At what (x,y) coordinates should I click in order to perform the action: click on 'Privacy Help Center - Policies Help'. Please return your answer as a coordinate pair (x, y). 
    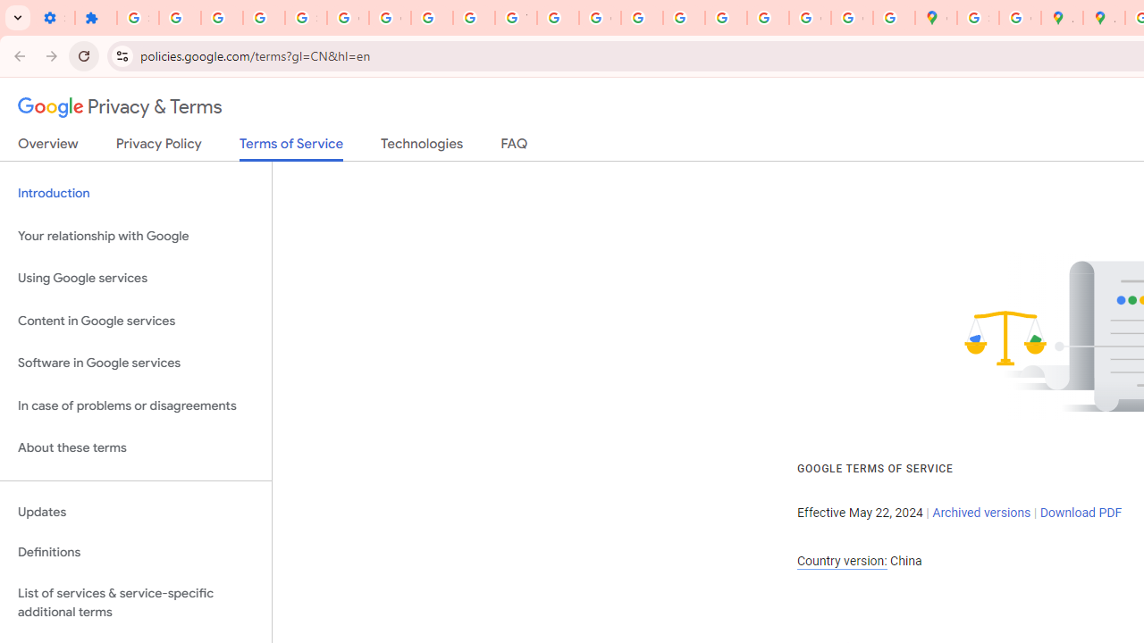
    Looking at the image, I should click on (642, 18).